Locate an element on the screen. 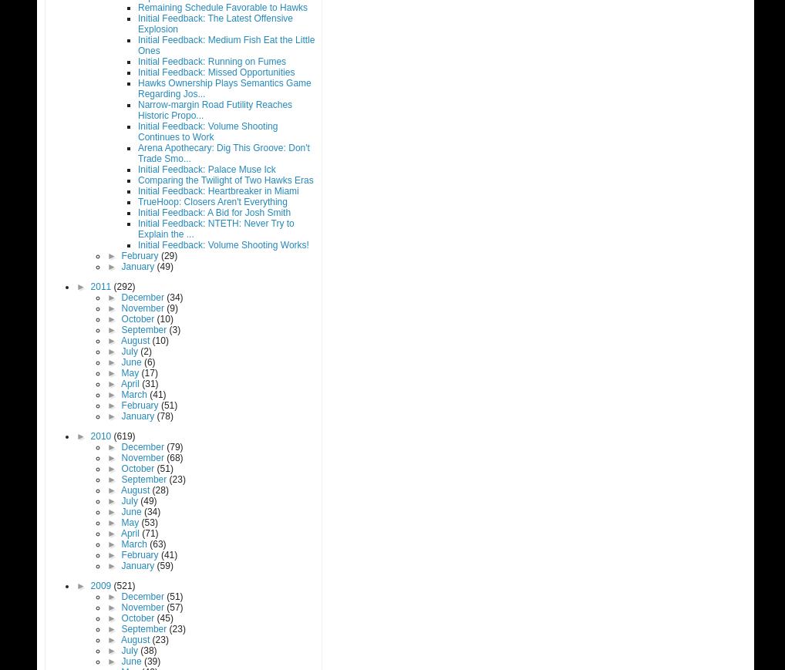 This screenshot has width=785, height=670. '(28)' is located at coordinates (159, 490).